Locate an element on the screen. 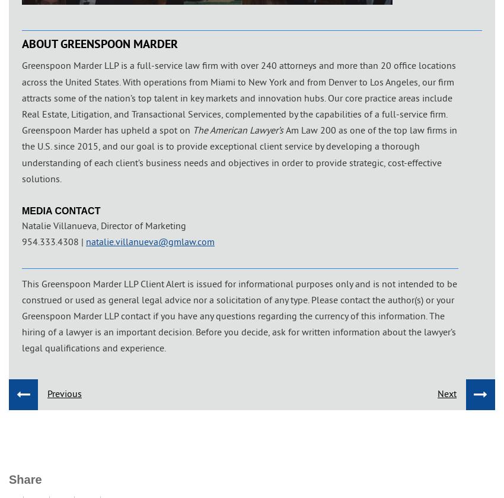 The height and width of the screenshot is (498, 504). 'Previous' is located at coordinates (63, 392).